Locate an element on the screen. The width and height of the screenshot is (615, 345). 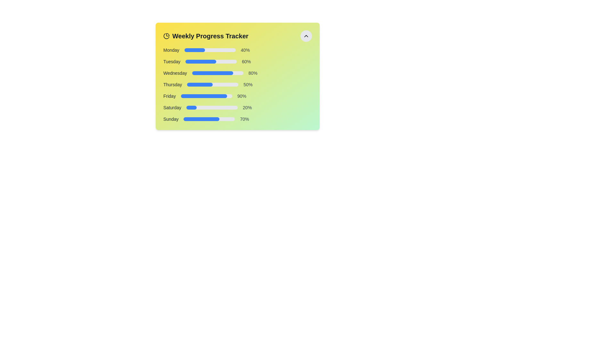
the static text displaying '40%' which indicates the progress completed for the 'Monday' entry in the weekly tracker is located at coordinates (245, 50).